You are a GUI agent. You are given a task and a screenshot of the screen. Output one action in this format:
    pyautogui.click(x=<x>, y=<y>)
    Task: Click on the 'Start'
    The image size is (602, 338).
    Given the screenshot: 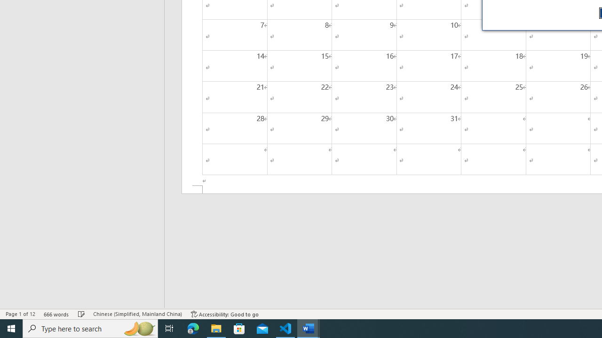 What is the action you would take?
    pyautogui.click(x=11, y=328)
    